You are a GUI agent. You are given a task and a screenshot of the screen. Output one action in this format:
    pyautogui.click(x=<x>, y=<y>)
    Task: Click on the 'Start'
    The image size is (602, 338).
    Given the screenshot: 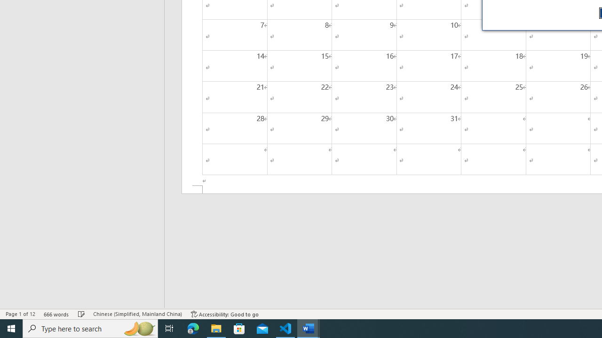 What is the action you would take?
    pyautogui.click(x=11, y=328)
    